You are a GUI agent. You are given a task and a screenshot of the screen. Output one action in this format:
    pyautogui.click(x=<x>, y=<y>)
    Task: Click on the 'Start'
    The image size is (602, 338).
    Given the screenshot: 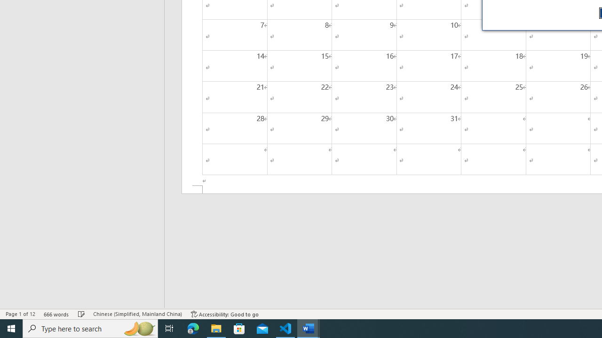 What is the action you would take?
    pyautogui.click(x=11, y=328)
    